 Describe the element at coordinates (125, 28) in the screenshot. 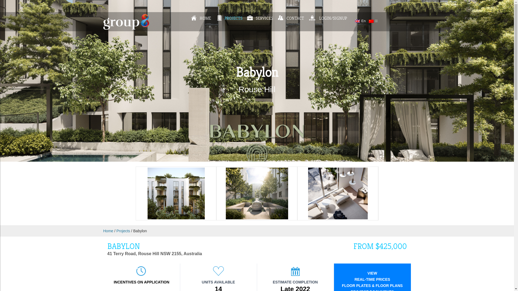

I see `'Group8'` at that location.